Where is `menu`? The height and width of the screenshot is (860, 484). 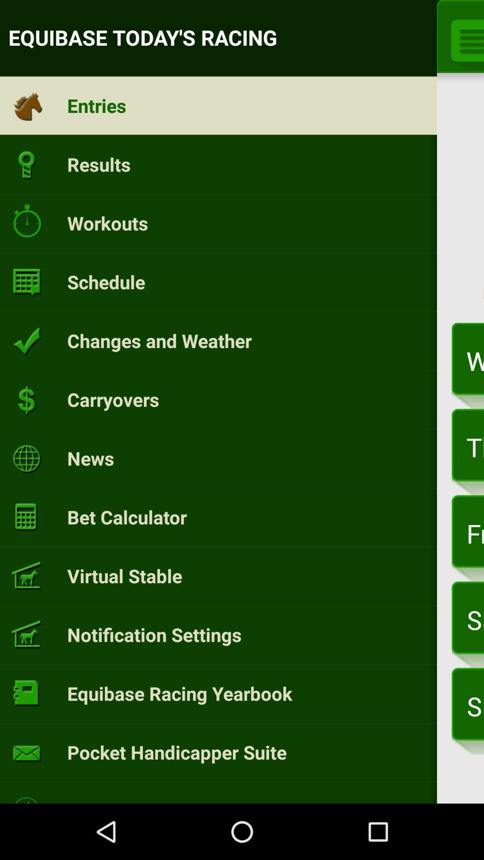 menu is located at coordinates (464, 39).